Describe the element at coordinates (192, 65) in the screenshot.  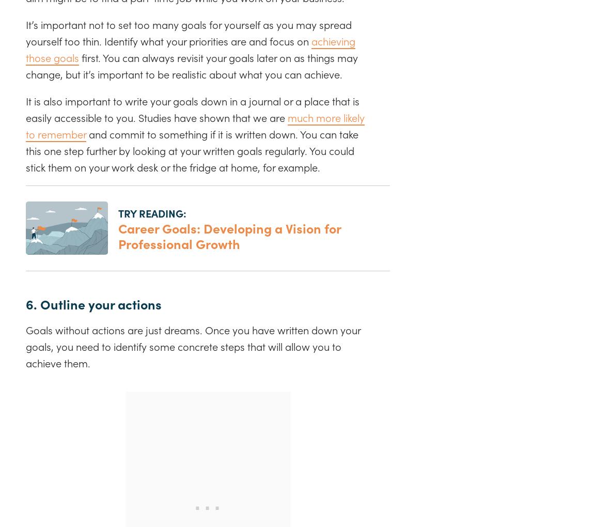
I see `'first. You can always revisit your goals later on as things may change, but it’s important to be realistic about what you can achieve.'` at that location.